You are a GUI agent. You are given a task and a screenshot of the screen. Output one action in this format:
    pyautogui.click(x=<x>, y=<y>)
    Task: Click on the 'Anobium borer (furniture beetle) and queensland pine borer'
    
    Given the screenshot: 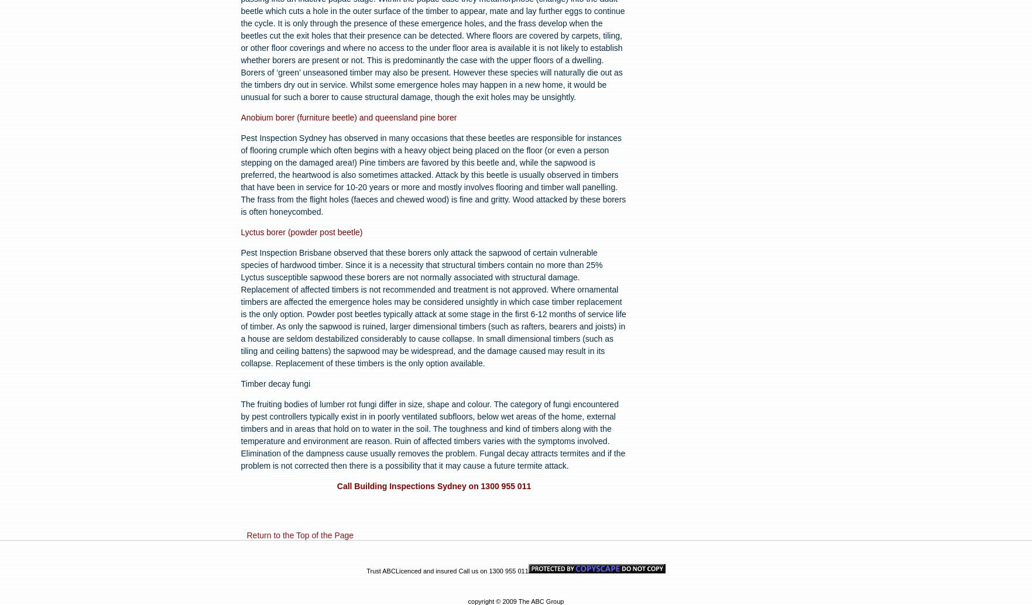 What is the action you would take?
    pyautogui.click(x=348, y=118)
    